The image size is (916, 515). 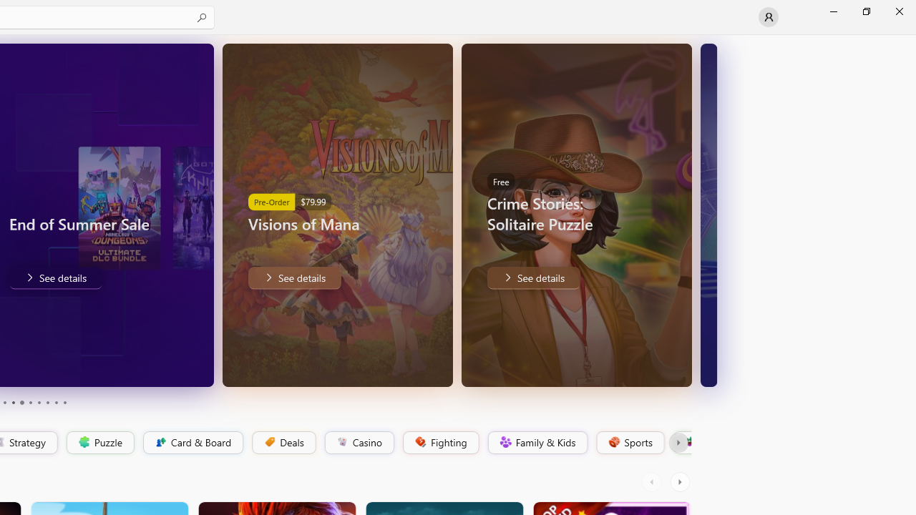 What do you see at coordinates (681, 481) in the screenshot?
I see `'AutomationID: RightScrollButton'` at bounding box center [681, 481].